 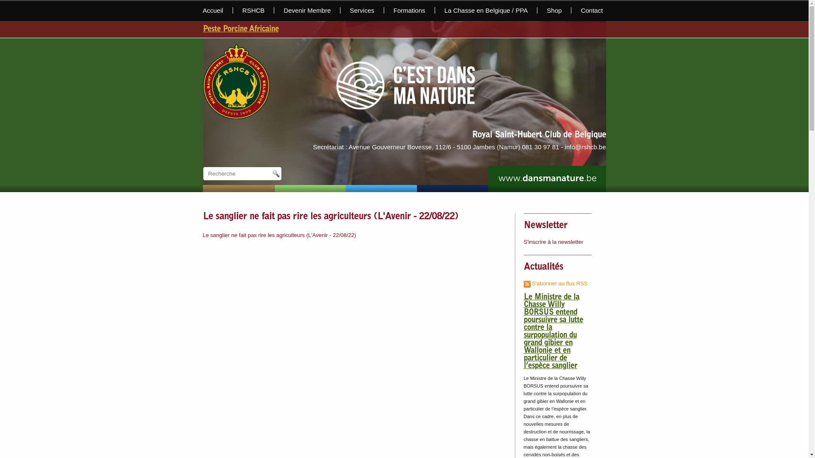 I want to click on 'Peste Porcine Africaine', so click(x=202, y=29).